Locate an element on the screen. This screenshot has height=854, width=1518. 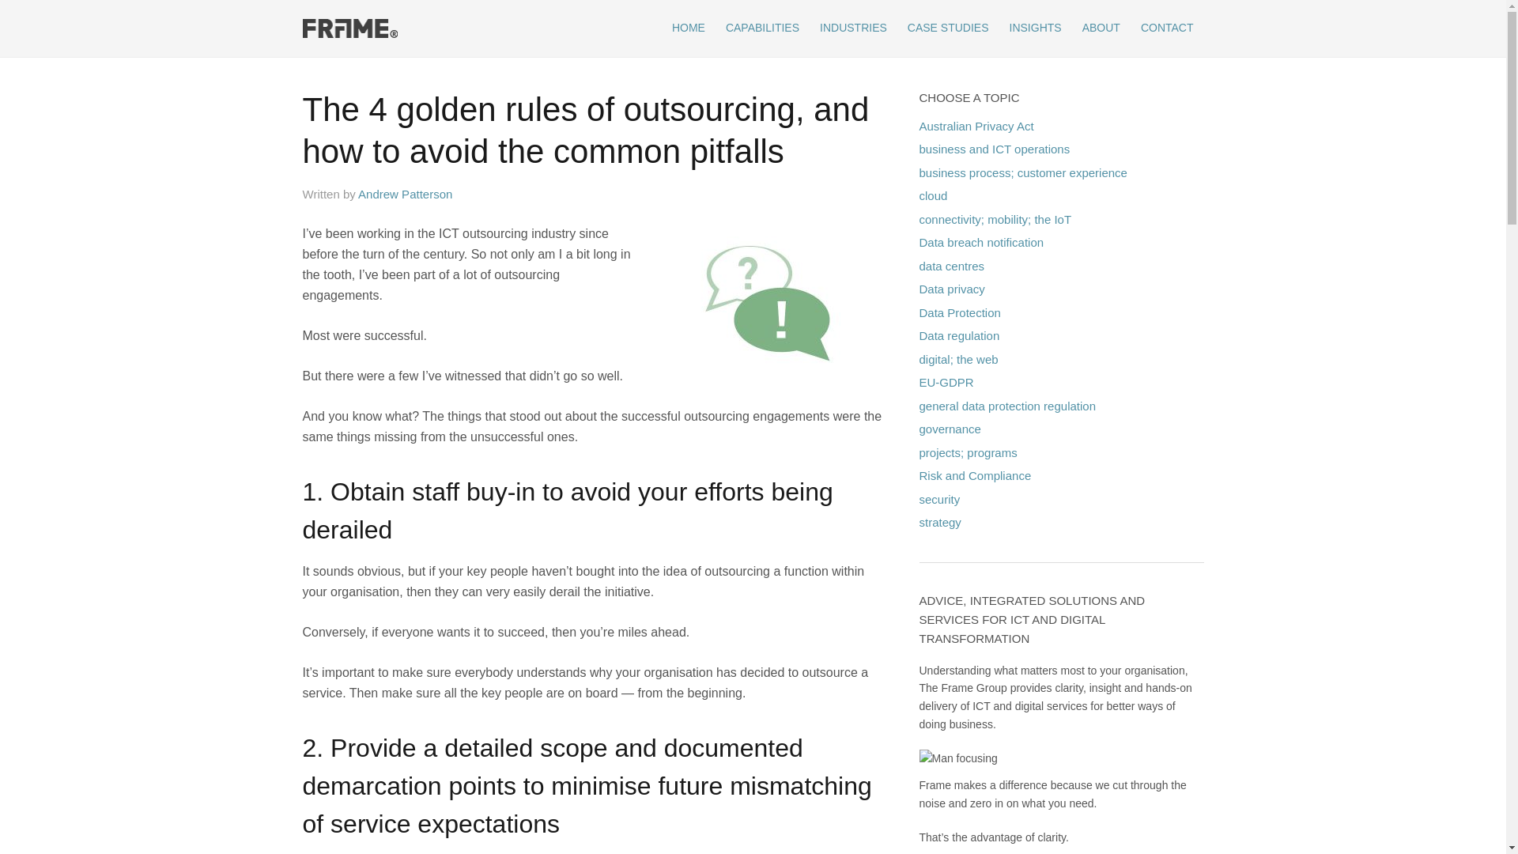
'Andrew Patterson' is located at coordinates (357, 193).